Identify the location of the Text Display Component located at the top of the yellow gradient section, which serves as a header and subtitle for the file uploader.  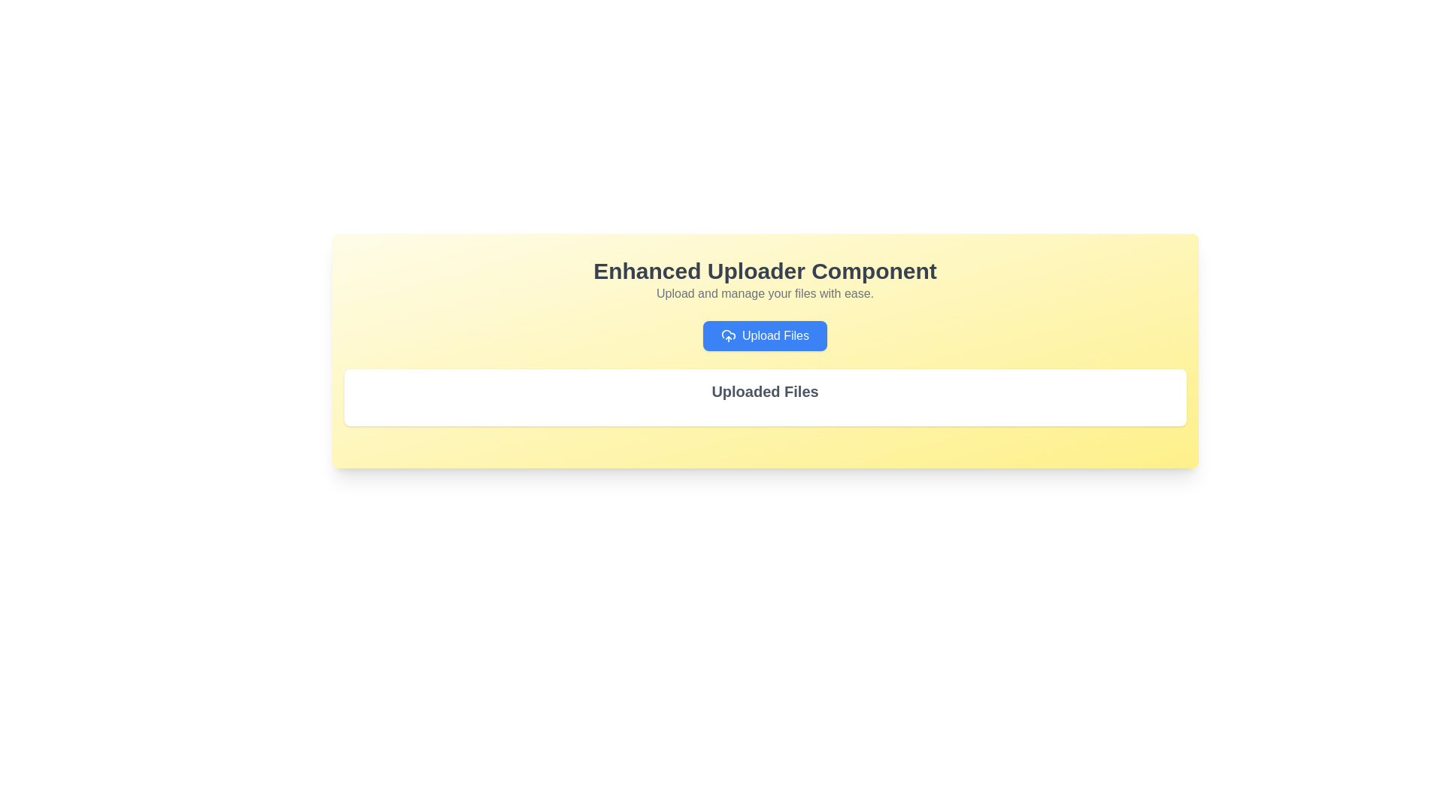
(765, 280).